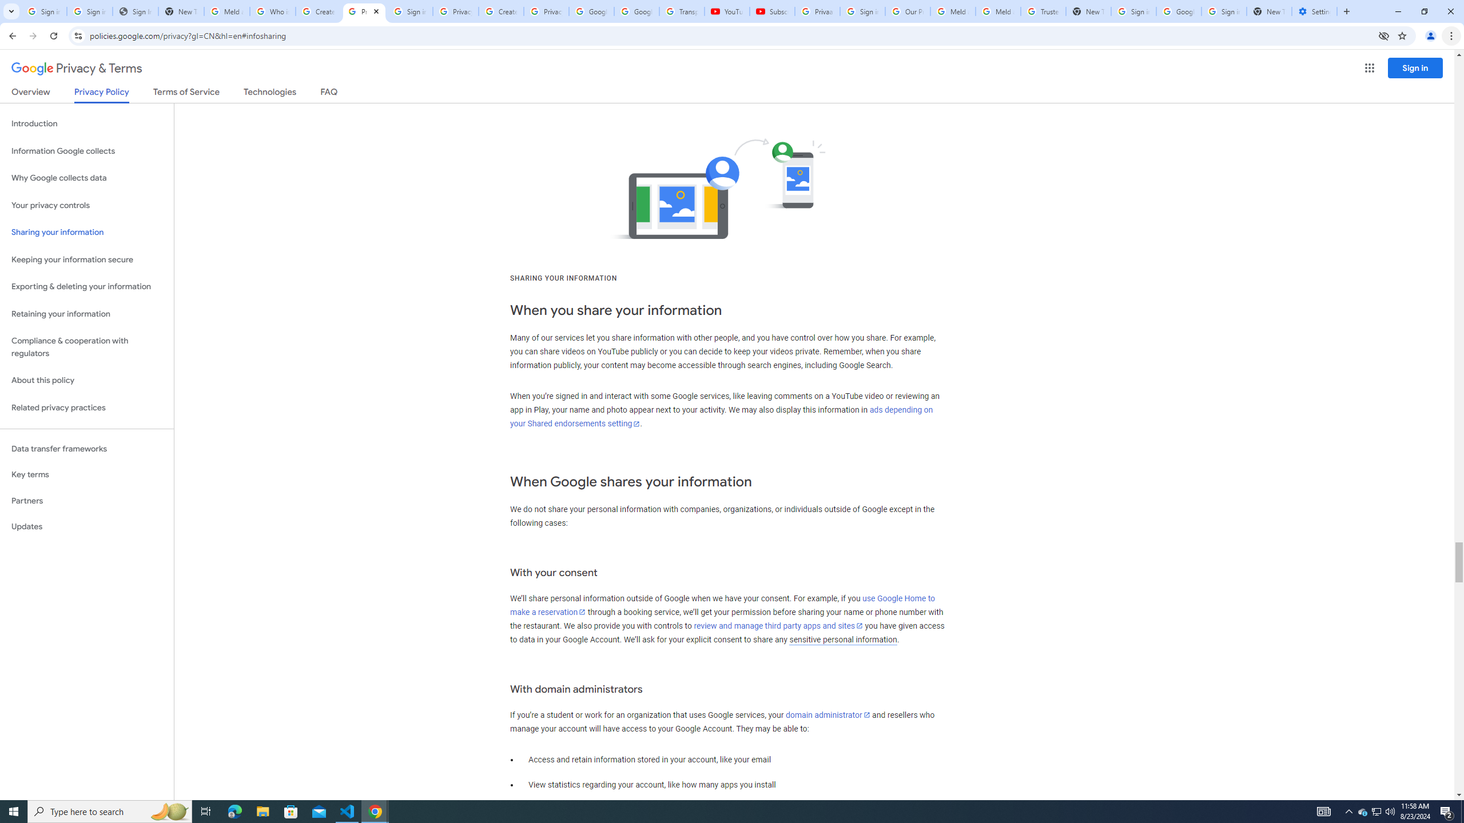 This screenshot has width=1464, height=823. I want to click on 'ads depending on your Shared endorsements setting', so click(721, 417).